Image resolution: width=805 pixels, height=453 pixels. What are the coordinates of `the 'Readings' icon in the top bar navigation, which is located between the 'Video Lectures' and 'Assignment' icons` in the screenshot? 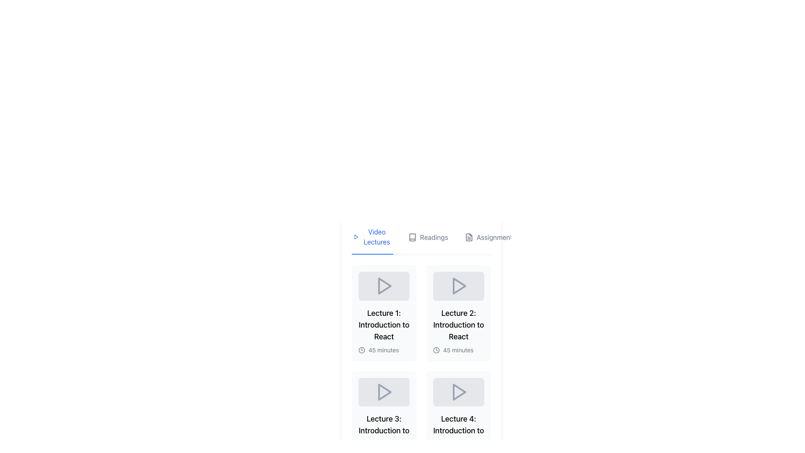 It's located at (412, 237).